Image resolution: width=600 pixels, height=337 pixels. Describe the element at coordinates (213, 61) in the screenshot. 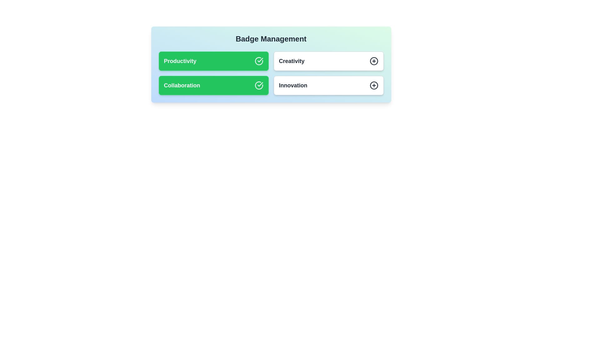

I see `the badge labeled Productivity` at that location.